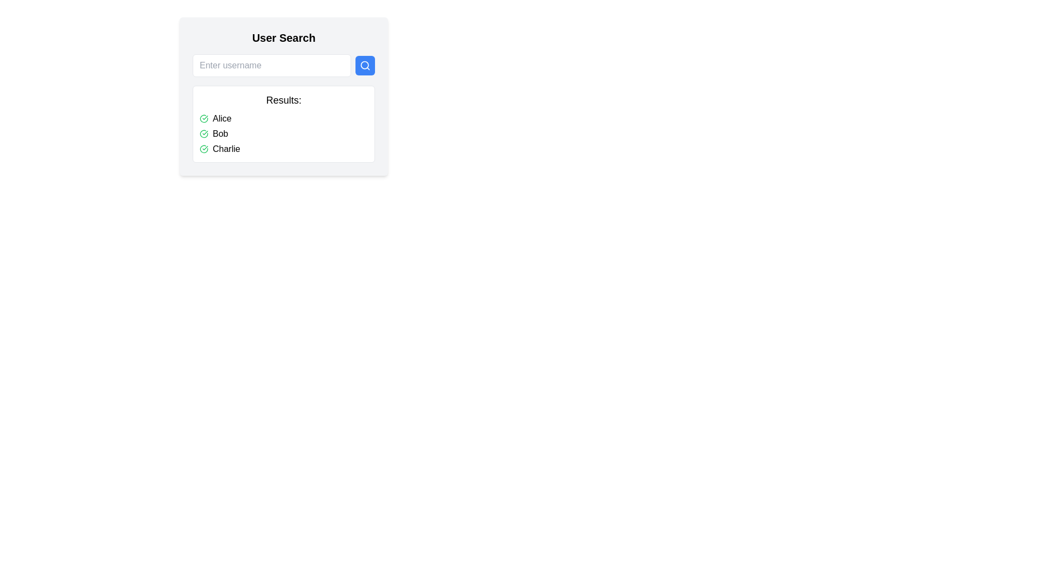  I want to click on the user 'Charlie', so click(284, 149).